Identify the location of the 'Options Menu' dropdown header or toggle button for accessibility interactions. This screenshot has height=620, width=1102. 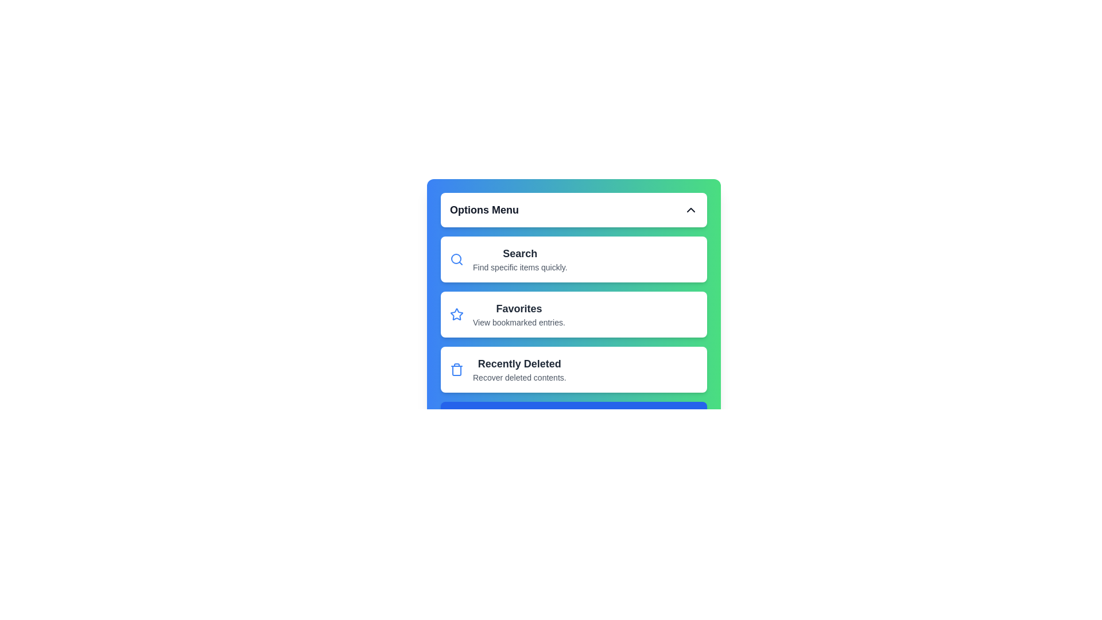
(573, 210).